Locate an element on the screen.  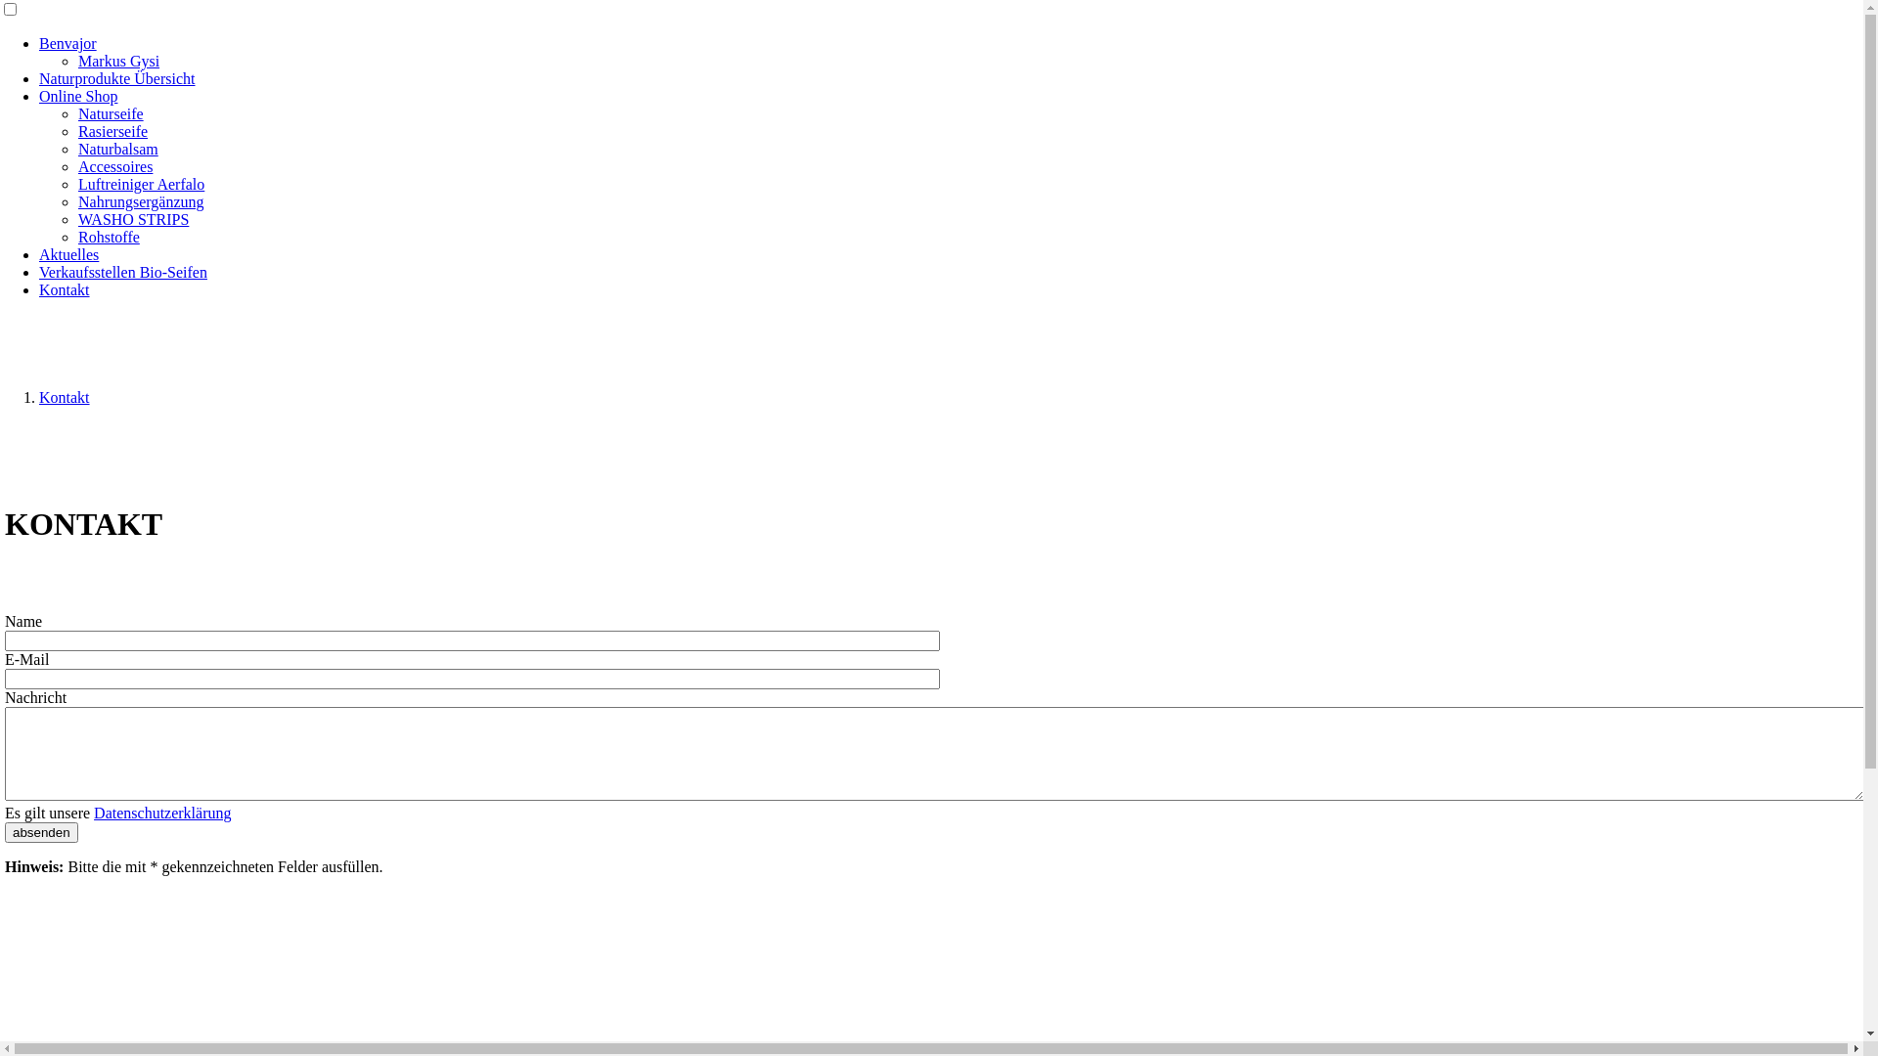
'Rohstoffe' is located at coordinates (108, 236).